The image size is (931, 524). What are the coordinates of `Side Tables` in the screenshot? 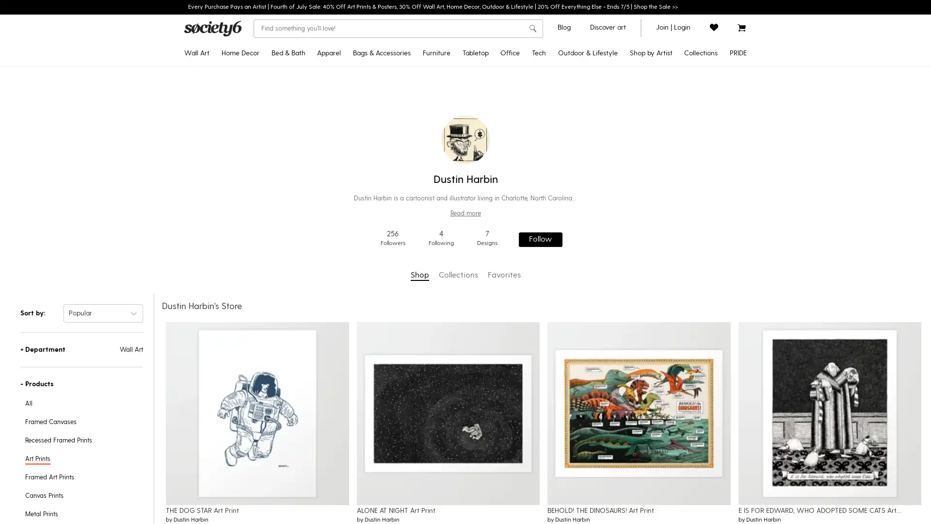 It's located at (453, 140).